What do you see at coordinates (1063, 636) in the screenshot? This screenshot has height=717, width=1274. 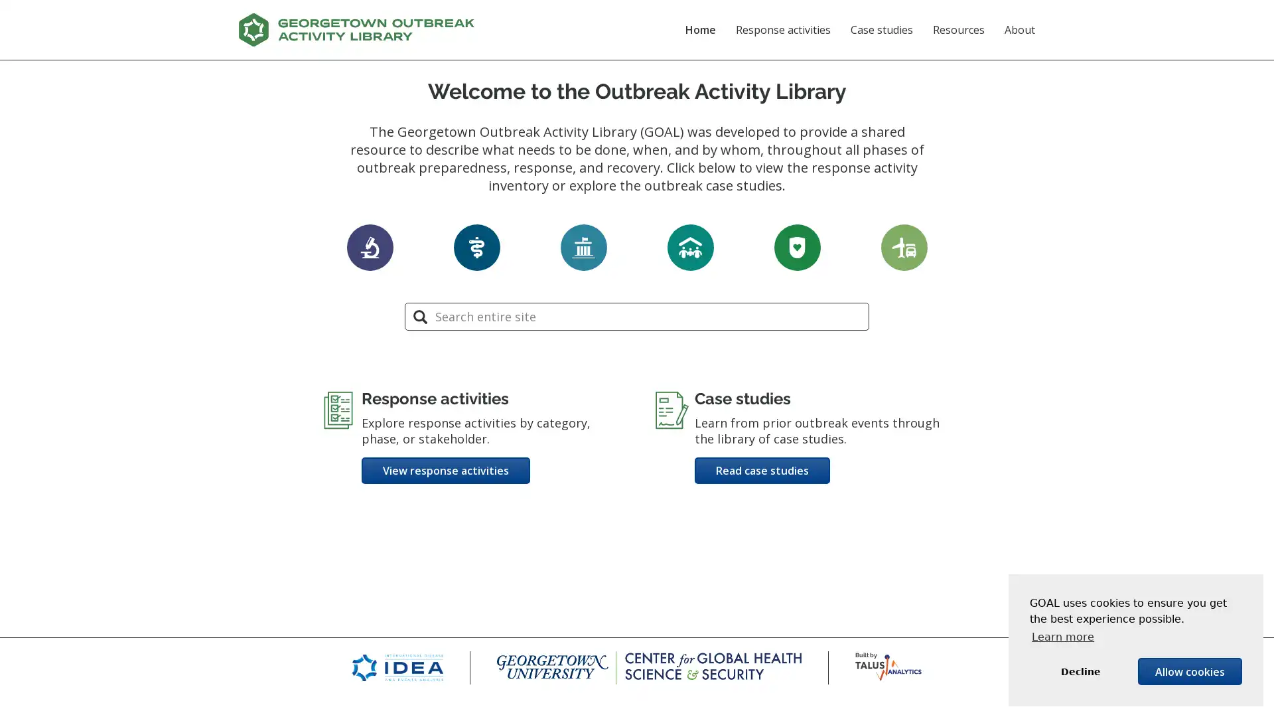 I see `learn more about cookies` at bounding box center [1063, 636].